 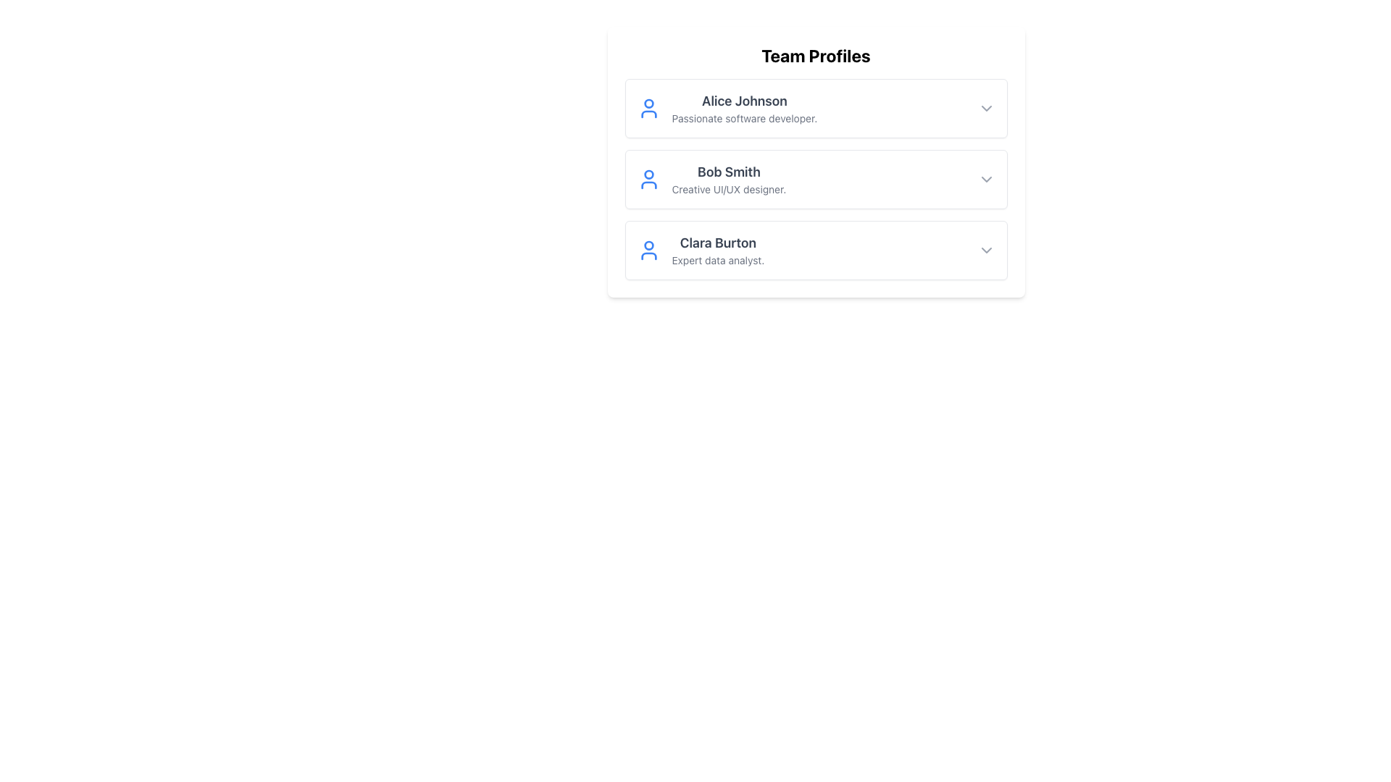 What do you see at coordinates (816, 178) in the screenshot?
I see `the Profile card for 'Bob Smith'` at bounding box center [816, 178].